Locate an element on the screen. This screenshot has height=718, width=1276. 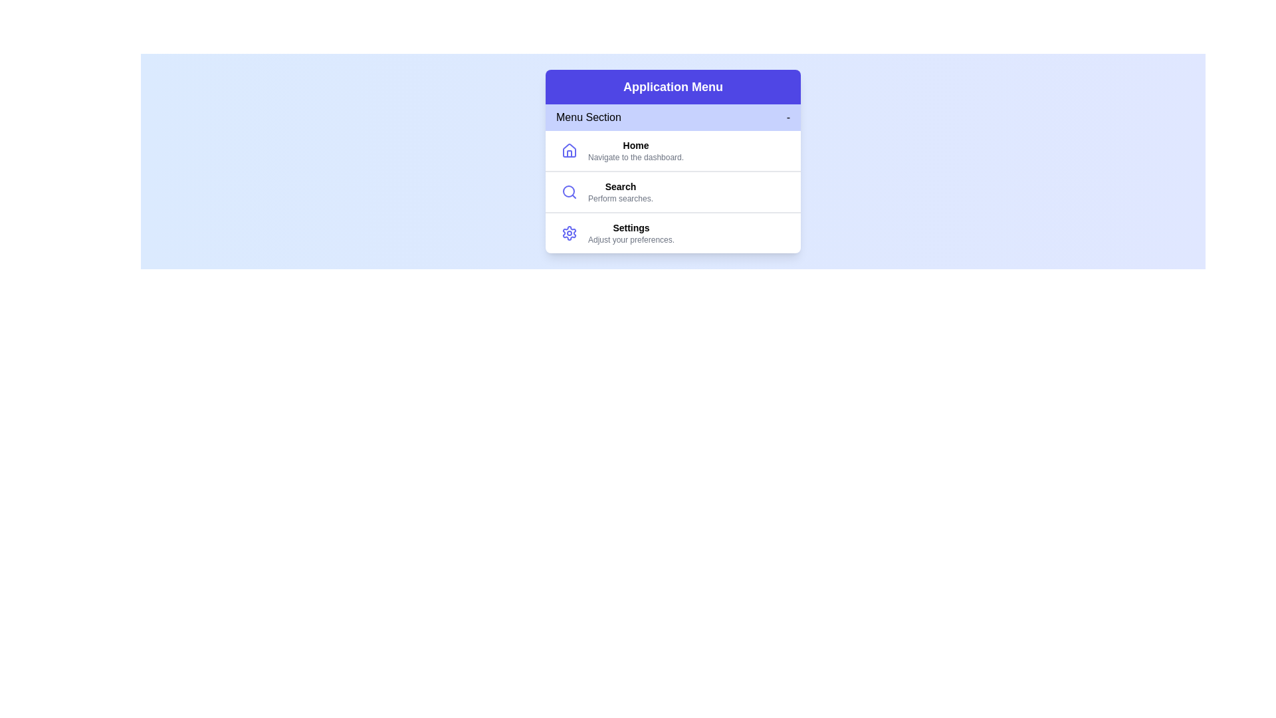
the menu item Search by clicking on it is located at coordinates (620, 192).